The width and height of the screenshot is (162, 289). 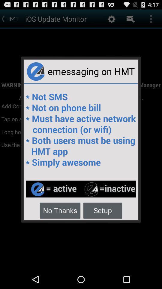 What do you see at coordinates (60, 210) in the screenshot?
I see `the item to the left of the setup` at bounding box center [60, 210].